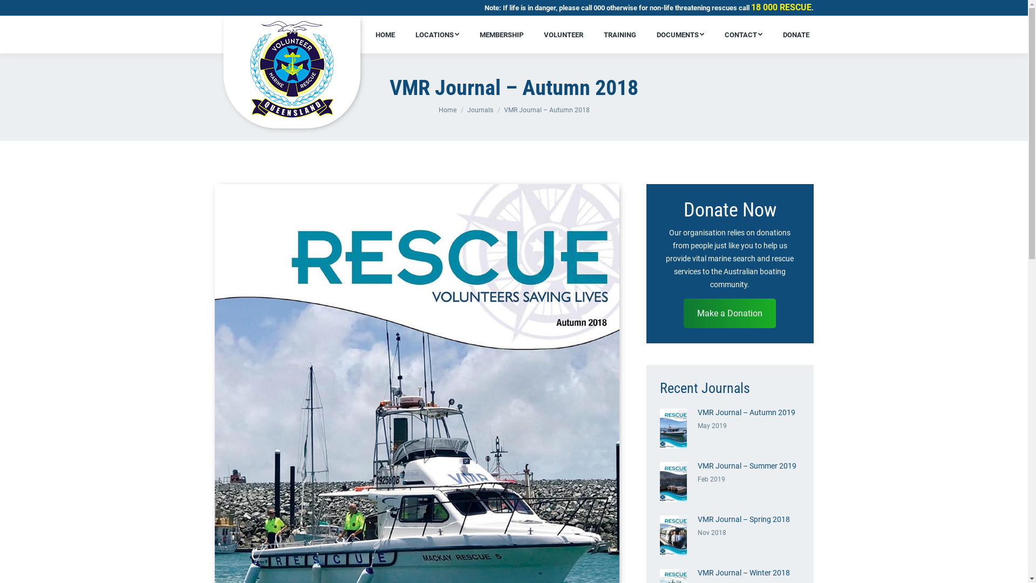 Image resolution: width=1036 pixels, height=583 pixels. I want to click on 'DOCUMENTS', so click(680, 34).